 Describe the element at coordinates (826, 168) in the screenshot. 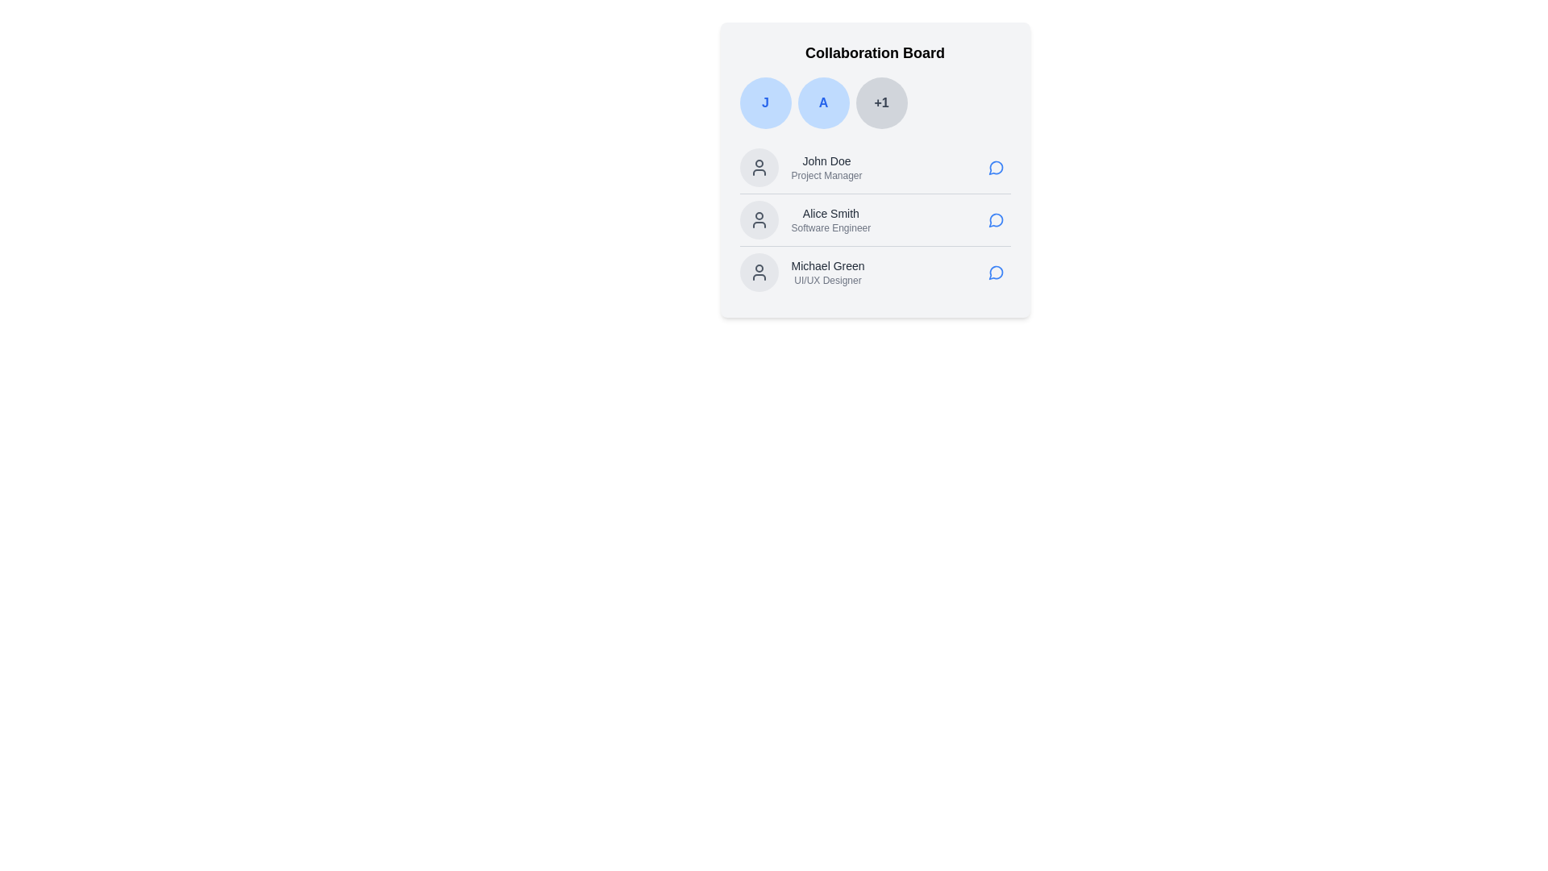

I see `the Label displaying 'John Doe' with the role 'Project Manager', which is located to the right of a circular avatar icon` at that location.